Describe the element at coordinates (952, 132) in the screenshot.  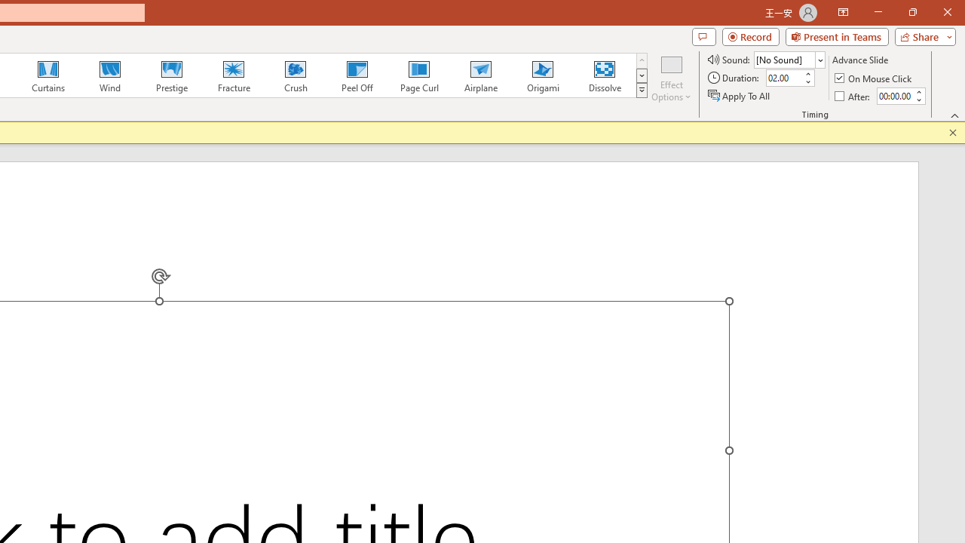
I see `'Close this message'` at that location.